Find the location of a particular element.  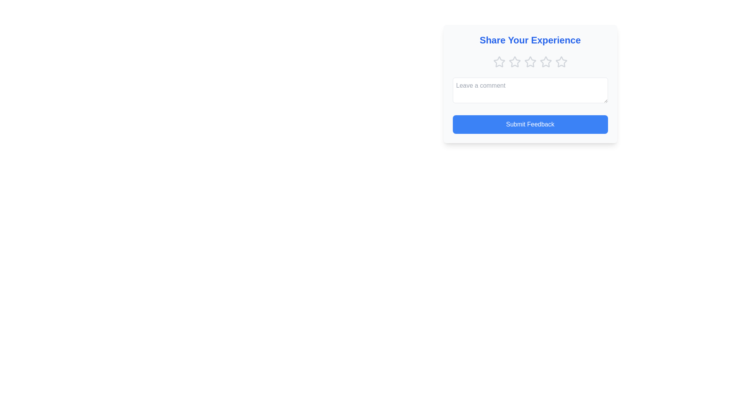

the second star icon from the left in the rating options located below 'Share Your Experience' is located at coordinates (514, 61).